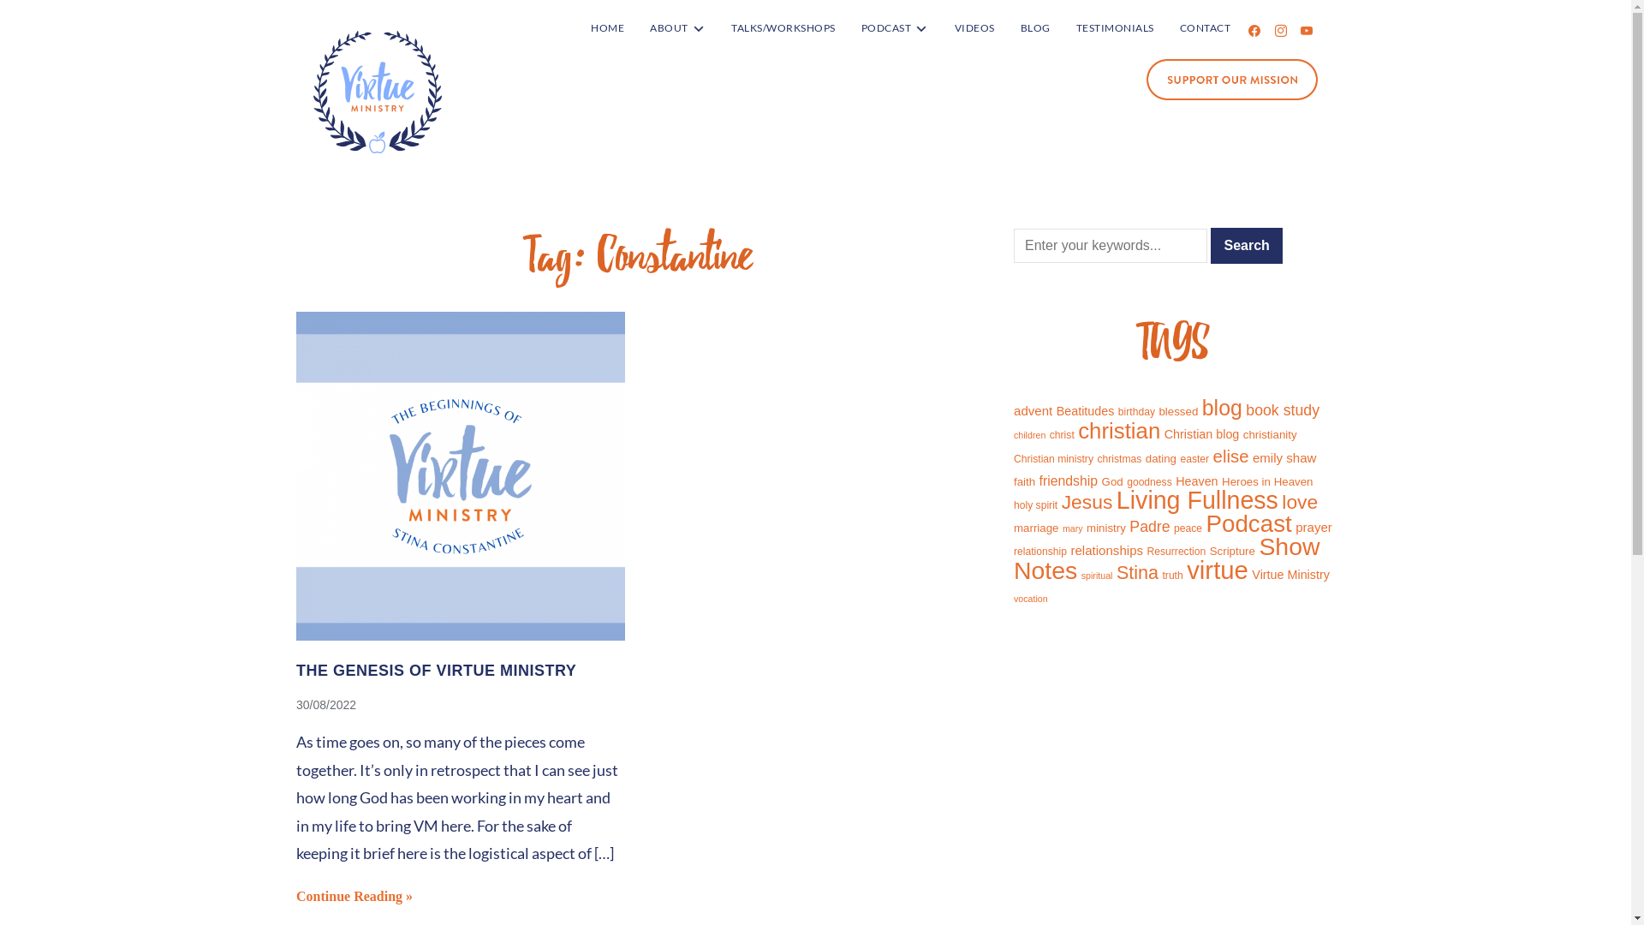 This screenshot has width=1644, height=925. Describe the element at coordinates (1084, 410) in the screenshot. I see `'Beatitudes'` at that location.